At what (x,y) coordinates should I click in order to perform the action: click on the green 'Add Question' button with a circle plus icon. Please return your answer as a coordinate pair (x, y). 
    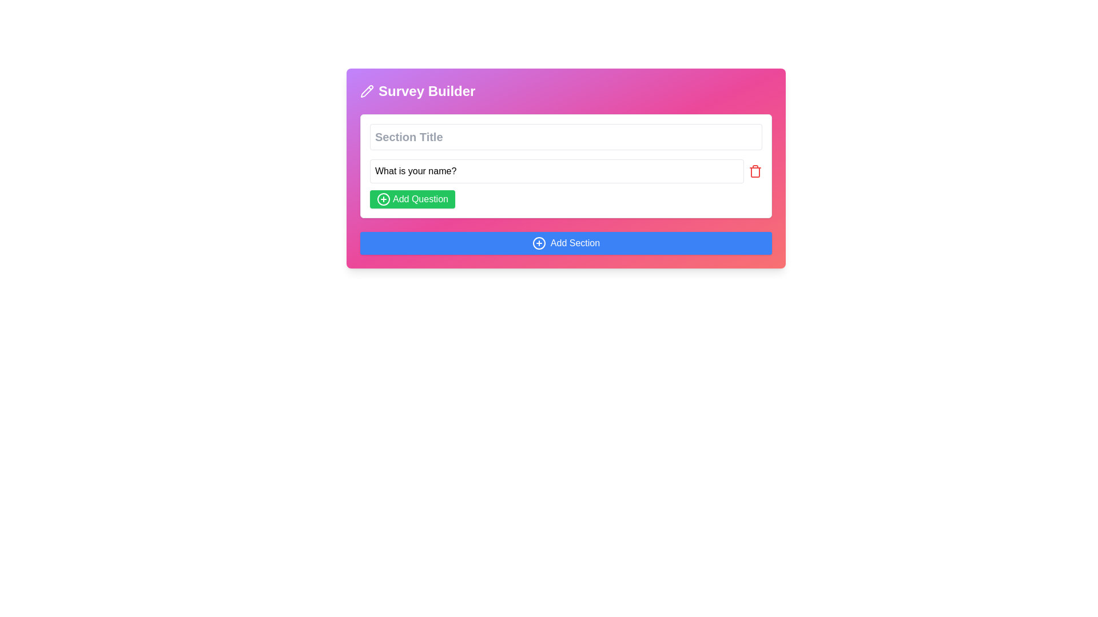
    Looking at the image, I should click on (412, 198).